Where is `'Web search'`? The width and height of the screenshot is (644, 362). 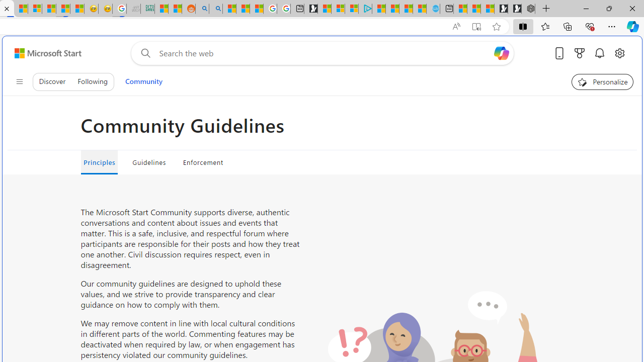
'Web search' is located at coordinates (143, 53).